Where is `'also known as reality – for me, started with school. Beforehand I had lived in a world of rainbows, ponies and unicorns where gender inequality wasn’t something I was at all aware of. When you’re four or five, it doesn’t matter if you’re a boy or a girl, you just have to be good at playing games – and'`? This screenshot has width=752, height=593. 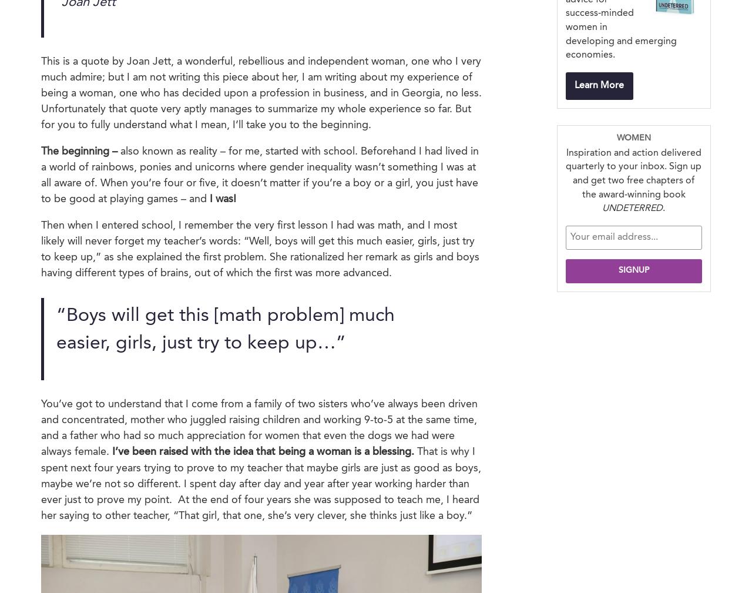
'also known as reality – for me, started with school. Beforehand I had lived in a world of rainbows, ponies and unicorns where gender inequality wasn’t something I was at all aware of. When you’re four or five, it doesn’t matter if you’re a boy or a girl, you just have to be good at playing games – and' is located at coordinates (259, 174).